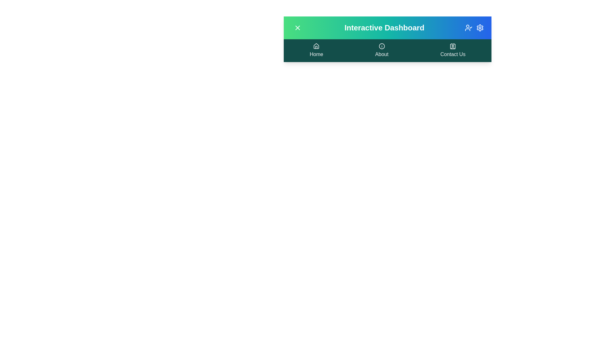 The image size is (608, 342). What do you see at coordinates (453, 50) in the screenshot?
I see `the 'Contact Us' menu item` at bounding box center [453, 50].